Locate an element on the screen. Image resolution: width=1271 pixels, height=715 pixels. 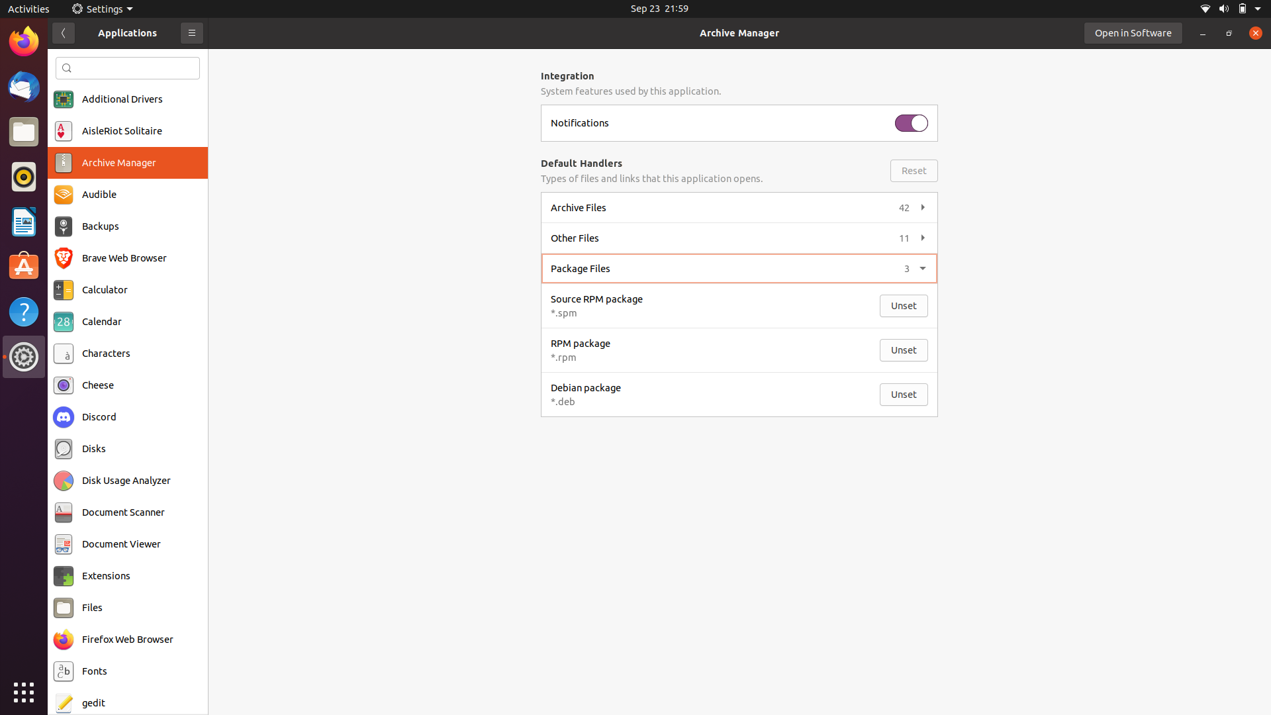
Use the search bar to retrieve files is located at coordinates (128, 68).